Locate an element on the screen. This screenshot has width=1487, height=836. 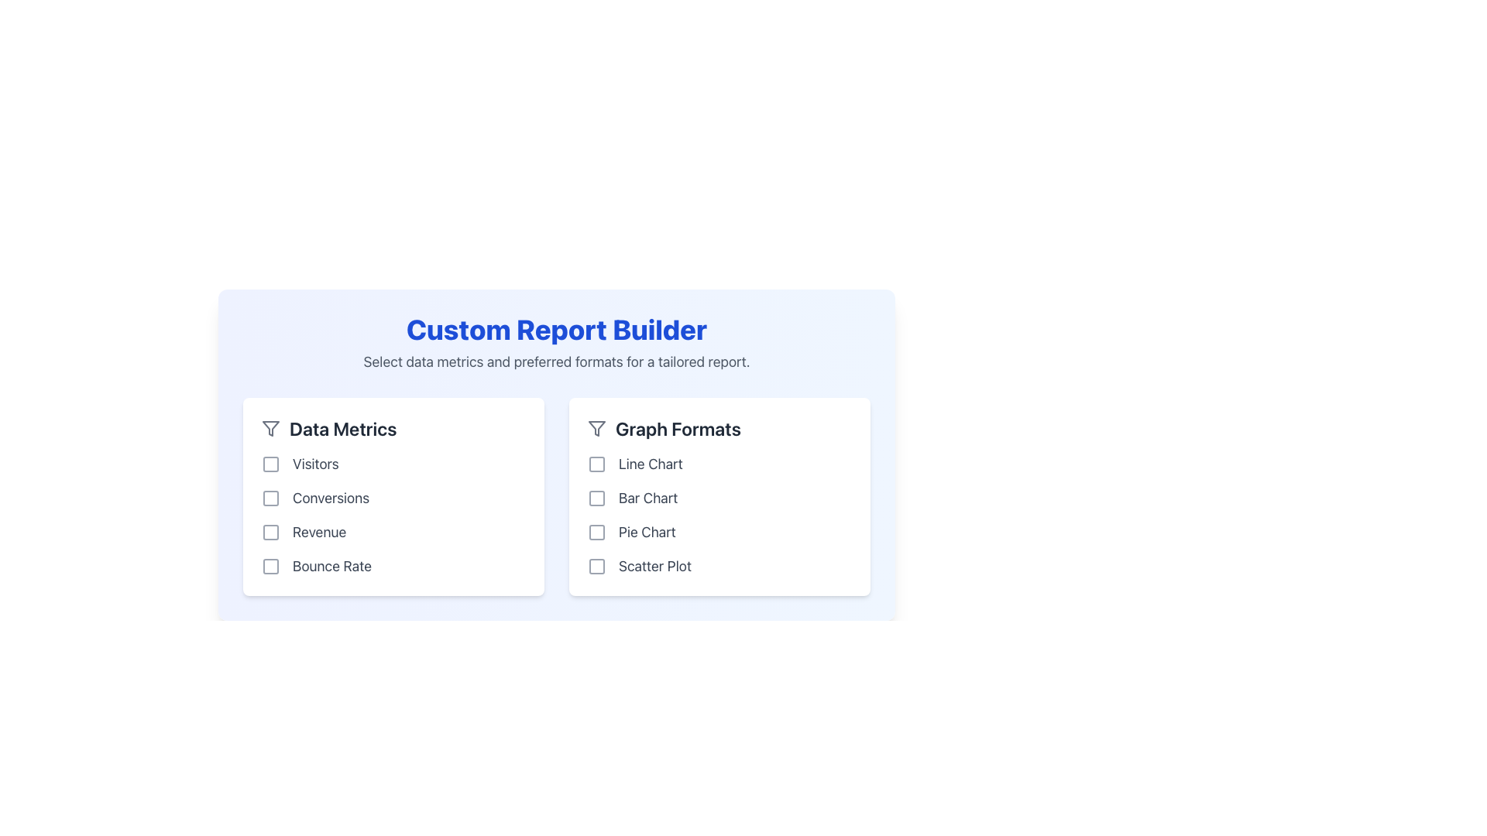
the square-shaped SVG icon of the Checkbox located in the 'Graph Formats' section, to the left of the 'Line Chart' text is located at coordinates (596, 464).